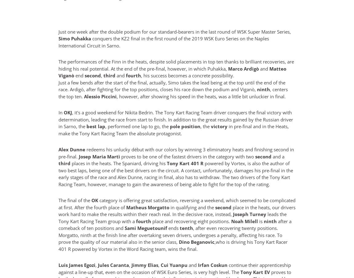  What do you see at coordinates (152, 228) in the screenshot?
I see `'Meguetounif'` at bounding box center [152, 228].